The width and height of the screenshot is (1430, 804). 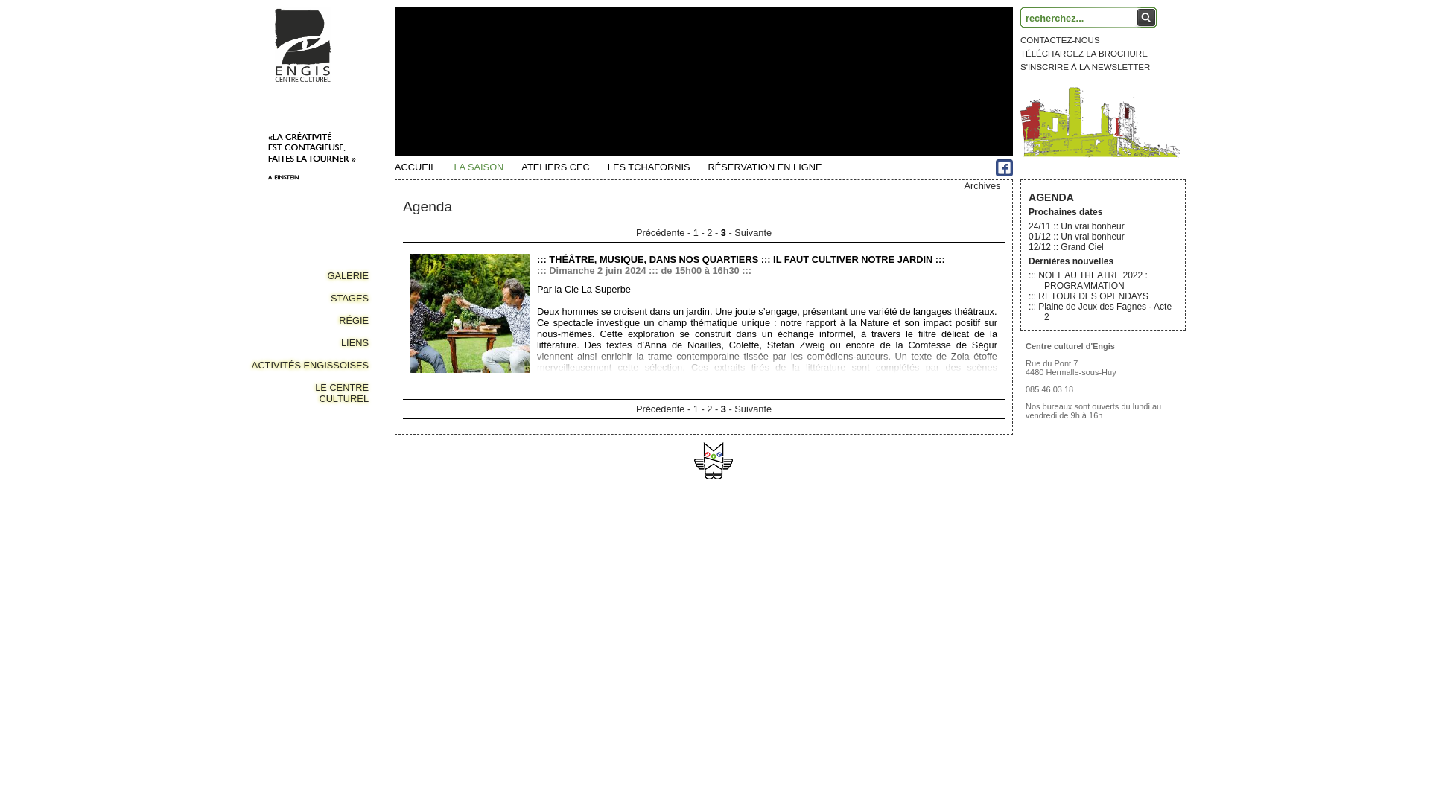 What do you see at coordinates (1025, 367) in the screenshot?
I see `'Rue du Pont 7` at bounding box center [1025, 367].